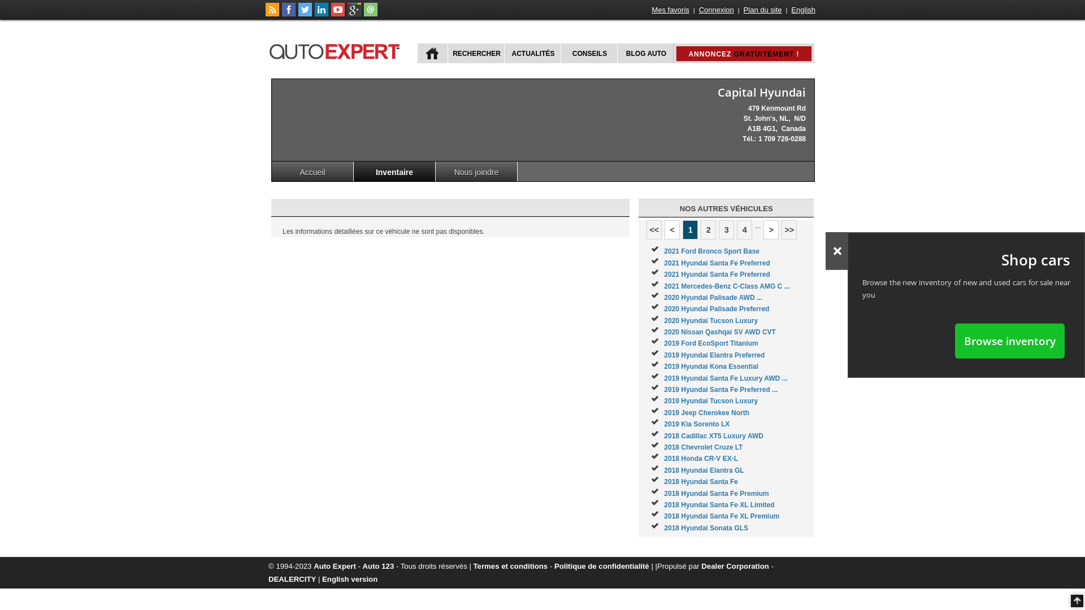  What do you see at coordinates (721, 516) in the screenshot?
I see `'2018 Hyundai Santa Fe XL Premium'` at bounding box center [721, 516].